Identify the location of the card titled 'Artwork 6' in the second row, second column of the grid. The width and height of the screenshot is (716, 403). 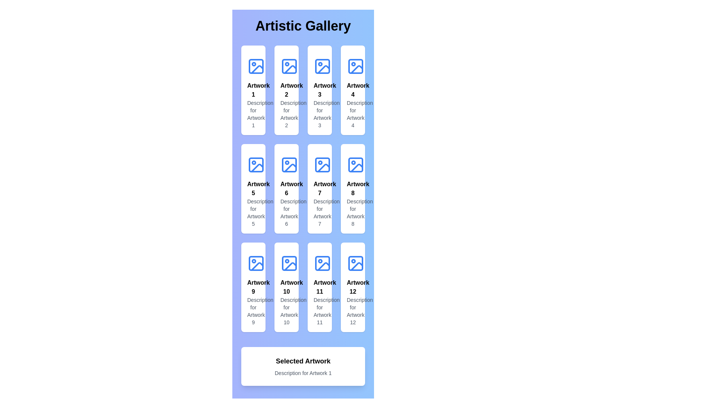
(286, 188).